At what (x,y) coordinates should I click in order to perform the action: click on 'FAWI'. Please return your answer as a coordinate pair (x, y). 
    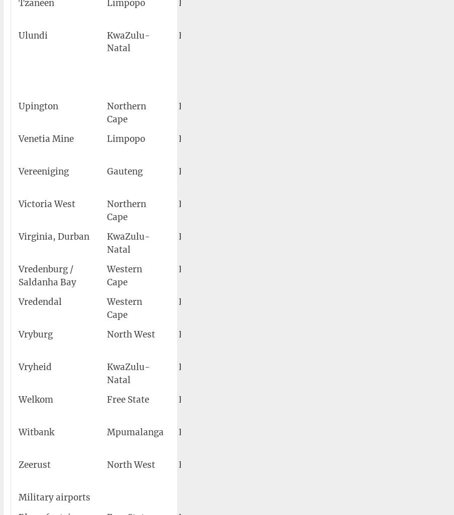
    Looking at the image, I should click on (178, 431).